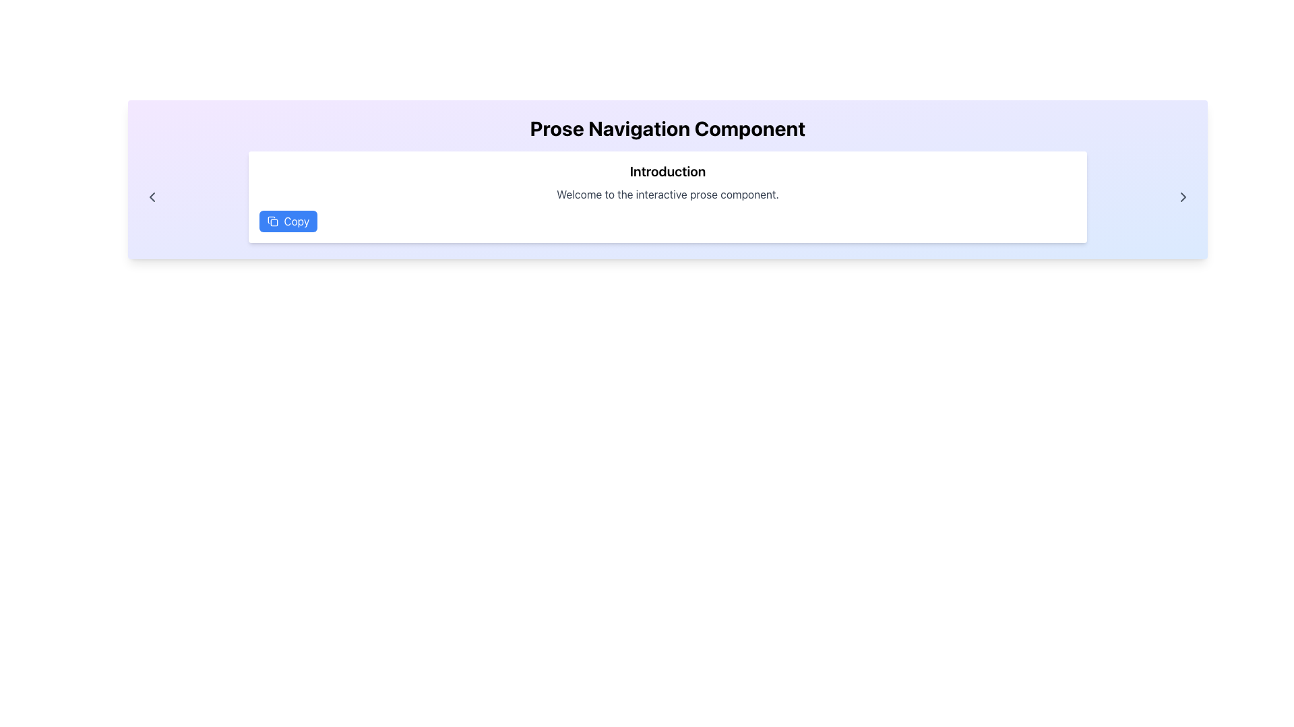 The width and height of the screenshot is (1294, 727). I want to click on the left-pointing chevron-shaped button styled in gray located at the far left side of the header section by, so click(152, 197).